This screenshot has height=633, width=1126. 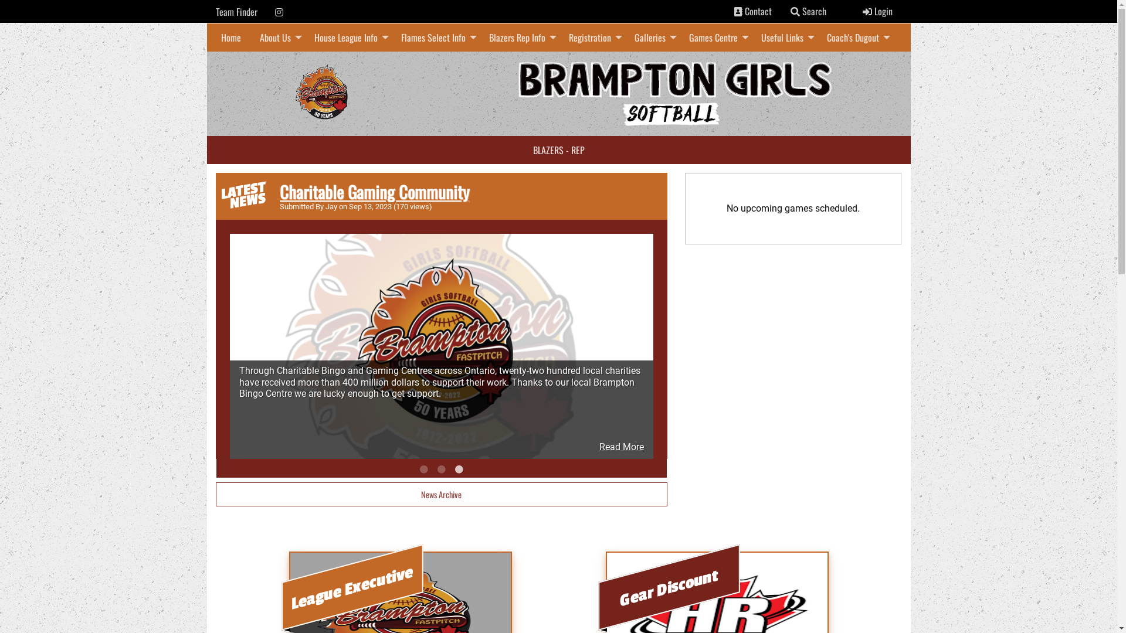 I want to click on ' Contact', so click(x=752, y=11).